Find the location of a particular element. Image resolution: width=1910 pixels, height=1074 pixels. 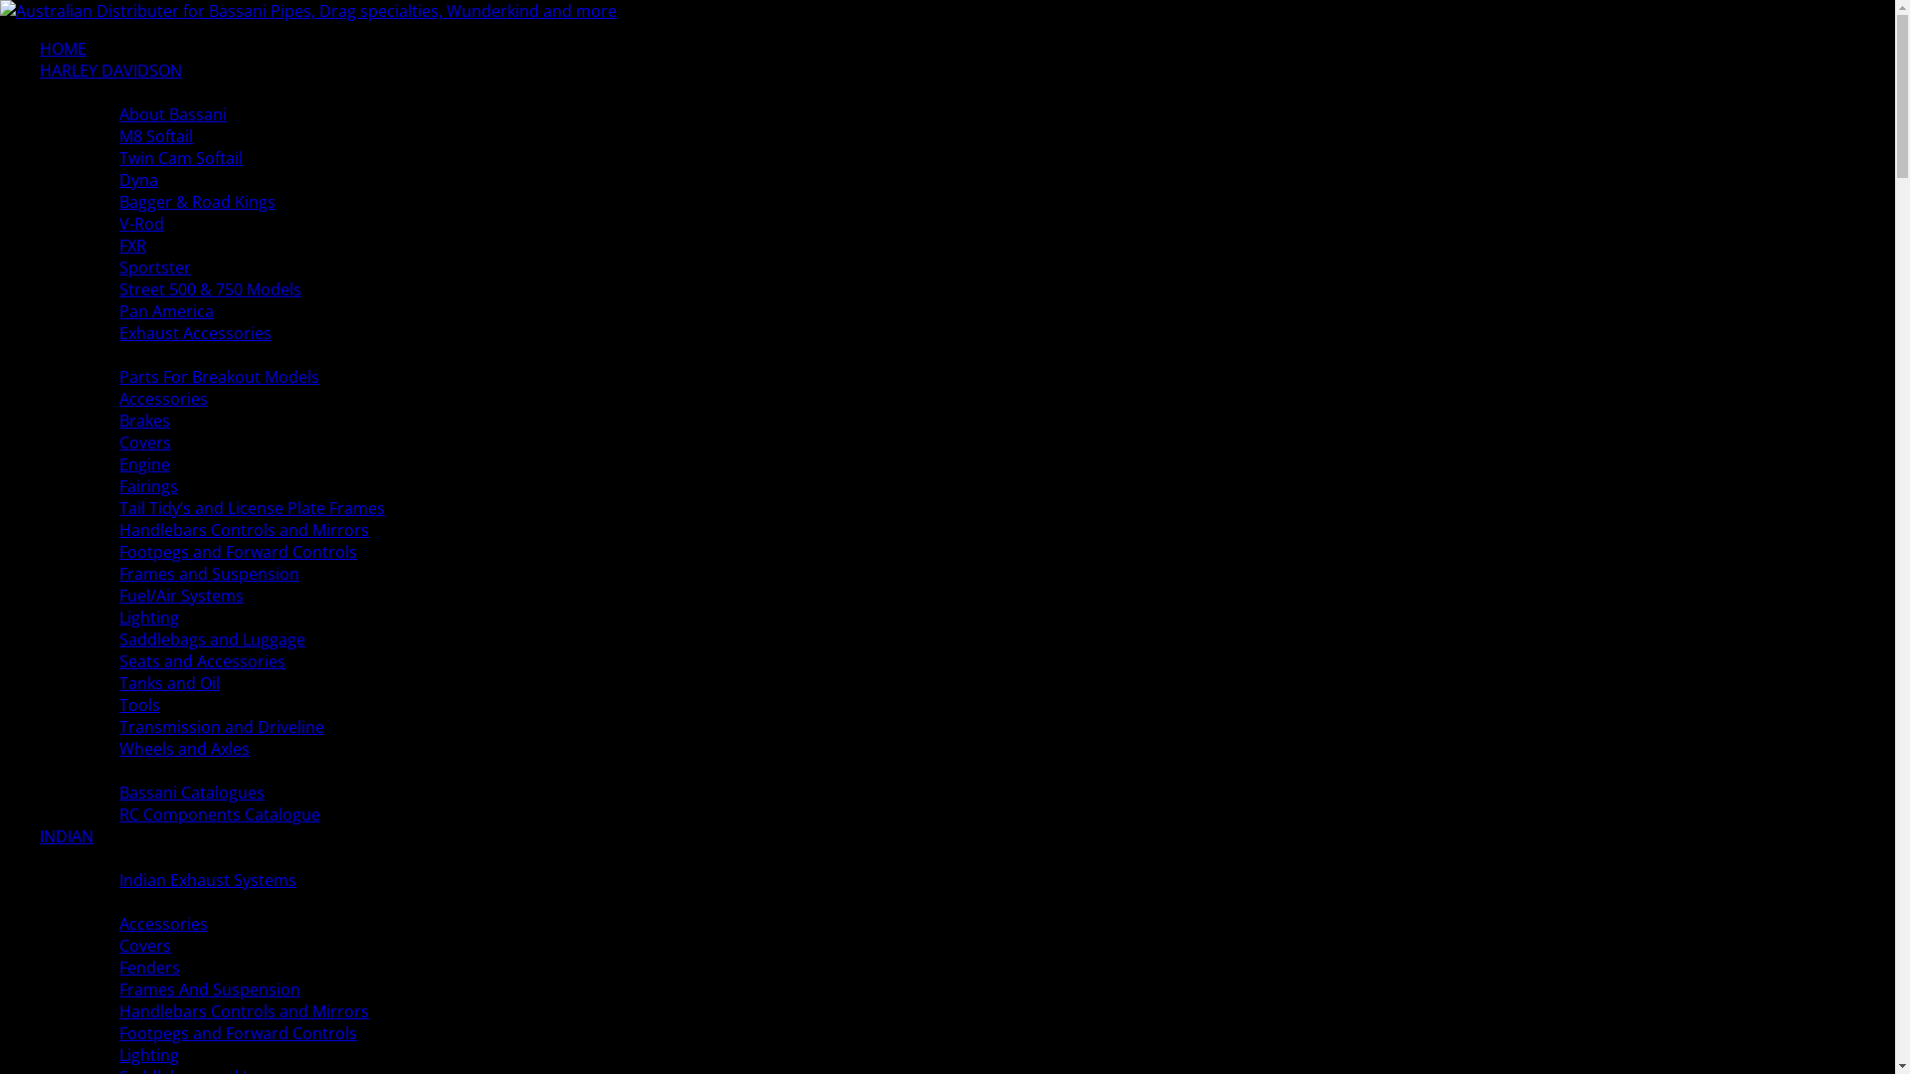

'Handlebars Controls and Mirrors' is located at coordinates (243, 1011).